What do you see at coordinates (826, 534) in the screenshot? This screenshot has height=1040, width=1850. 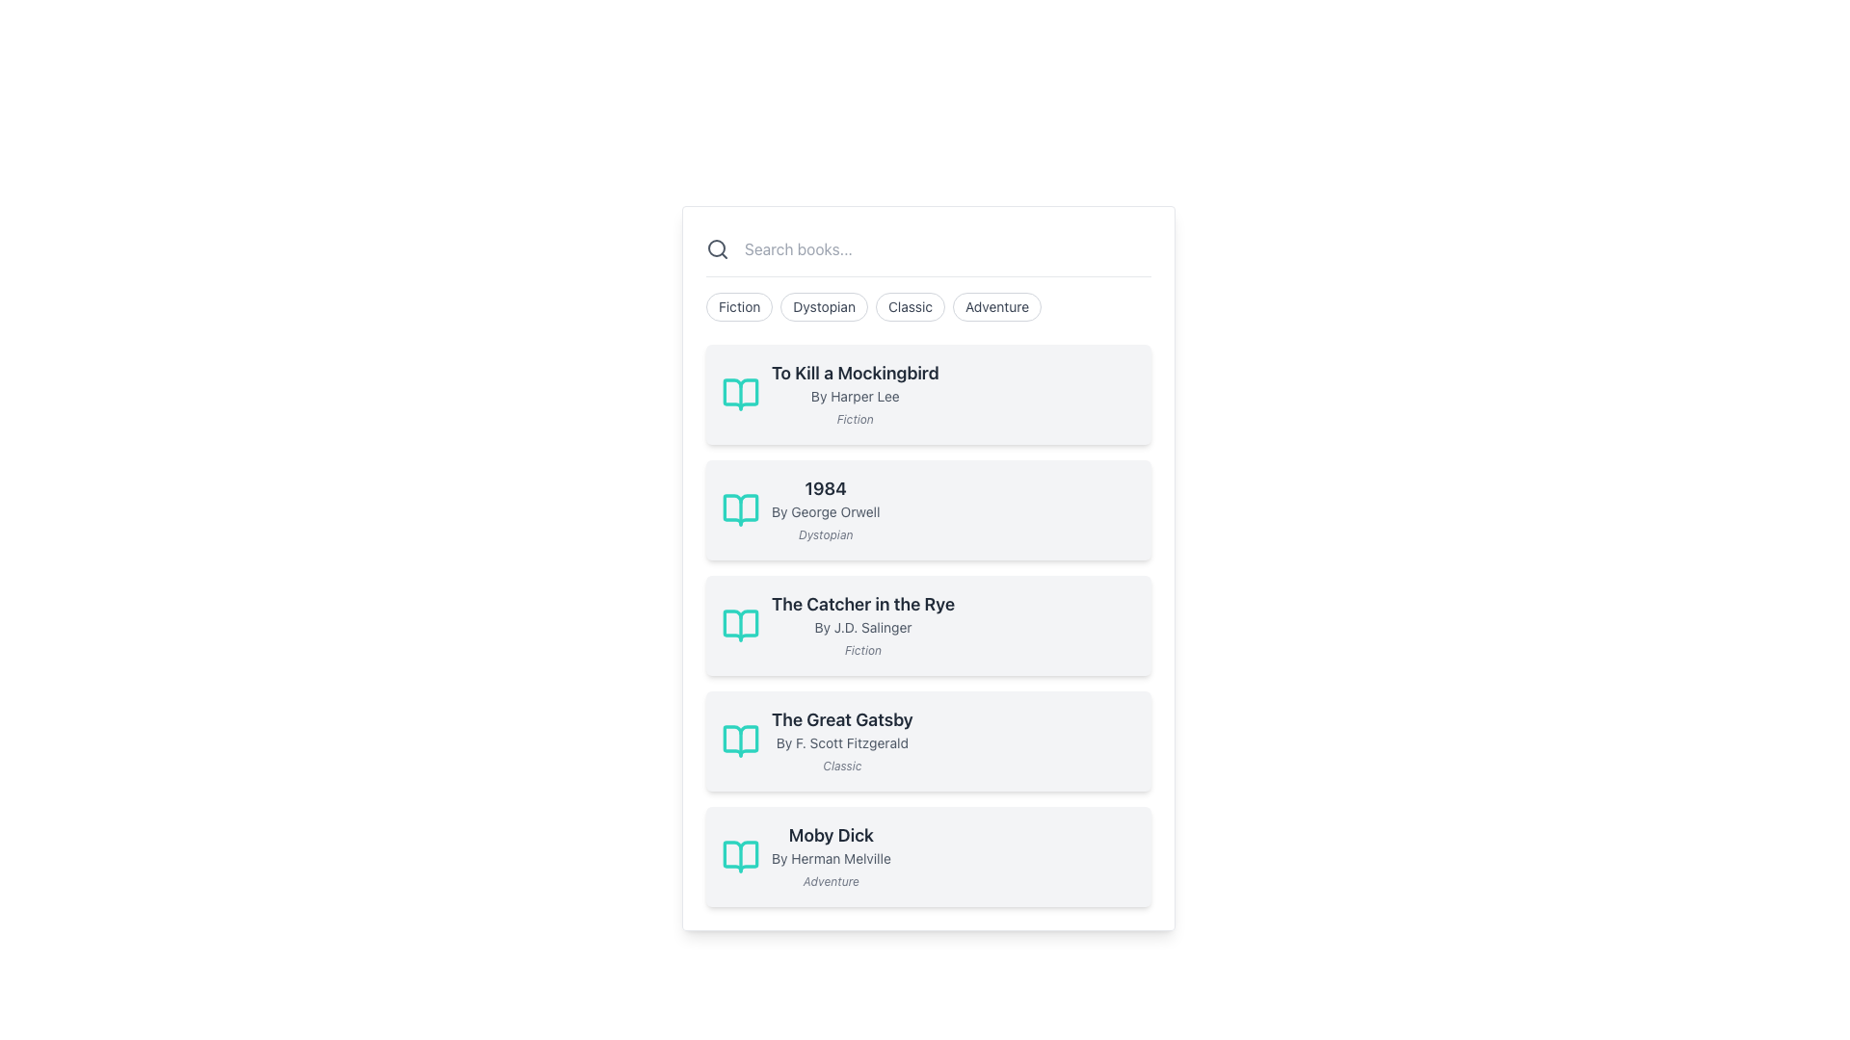 I see `the text label that describes the genre of the book '1984' as 'Dystopian', positioned below the author's name 'By George Orwell' within the book entry card` at bounding box center [826, 534].